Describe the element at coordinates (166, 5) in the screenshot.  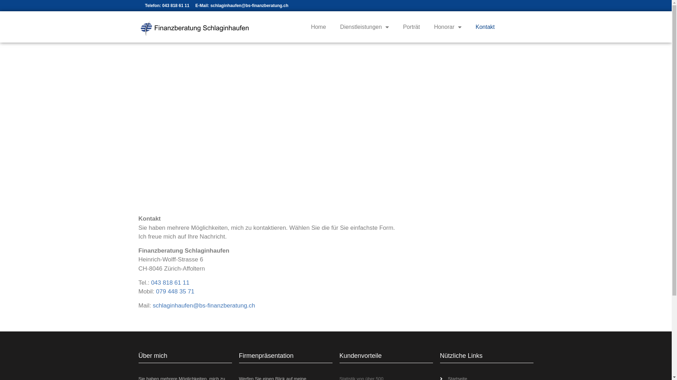
I see `'Telefon: 043 818 61 11'` at that location.